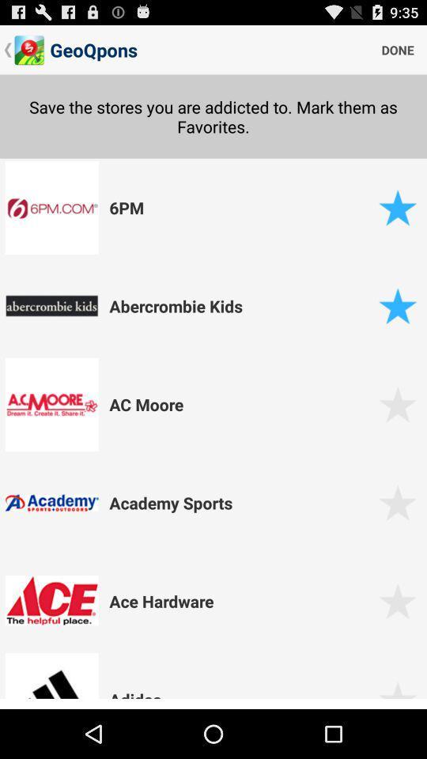 The image size is (427, 759). What do you see at coordinates (241, 403) in the screenshot?
I see `the ac moore` at bounding box center [241, 403].